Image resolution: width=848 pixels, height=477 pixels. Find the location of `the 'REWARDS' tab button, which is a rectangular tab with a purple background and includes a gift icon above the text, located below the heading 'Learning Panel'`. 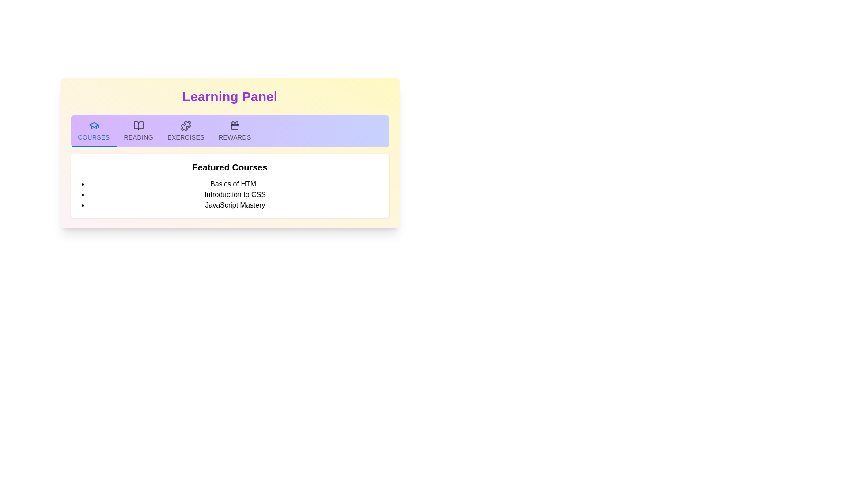

the 'REWARDS' tab button, which is a rectangular tab with a purple background and includes a gift icon above the text, located below the heading 'Learning Panel' is located at coordinates (235, 131).